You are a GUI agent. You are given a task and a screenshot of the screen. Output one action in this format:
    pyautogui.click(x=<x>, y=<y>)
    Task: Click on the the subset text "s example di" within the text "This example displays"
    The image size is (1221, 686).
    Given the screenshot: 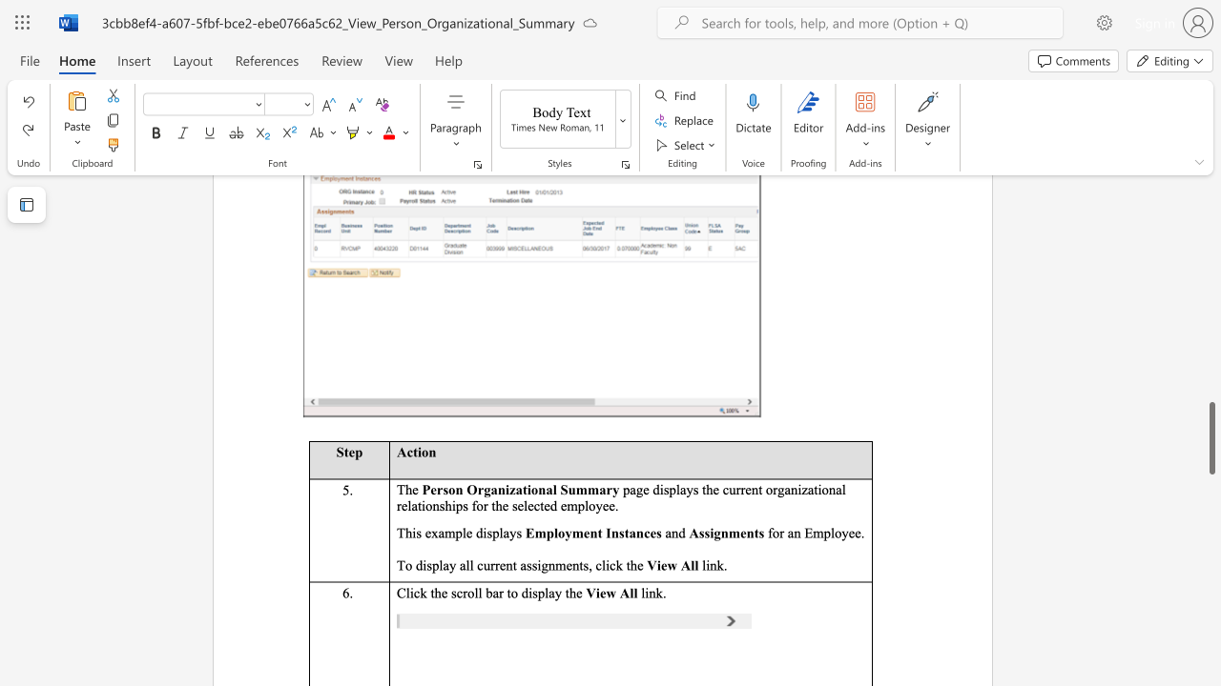 What is the action you would take?
    pyautogui.click(x=415, y=533)
    